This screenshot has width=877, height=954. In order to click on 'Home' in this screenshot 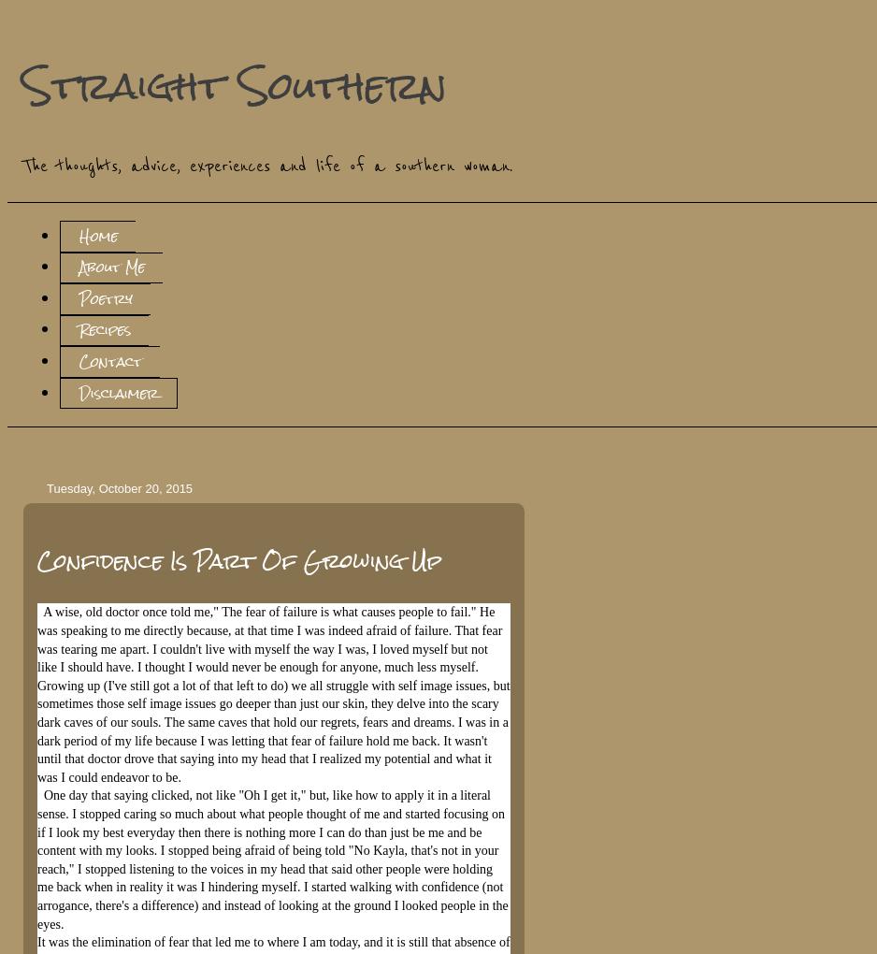, I will do `click(96, 235)`.